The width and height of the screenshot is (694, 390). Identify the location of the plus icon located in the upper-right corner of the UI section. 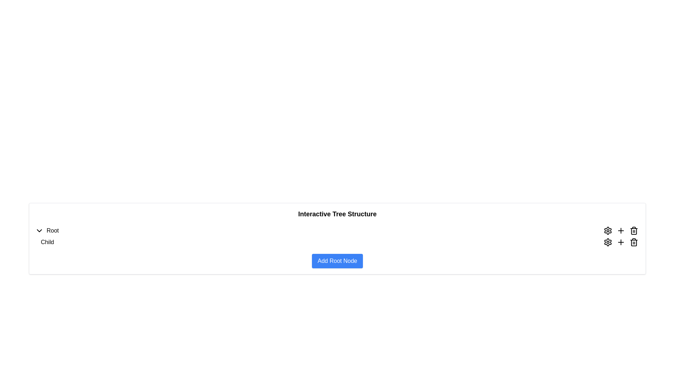
(621, 242).